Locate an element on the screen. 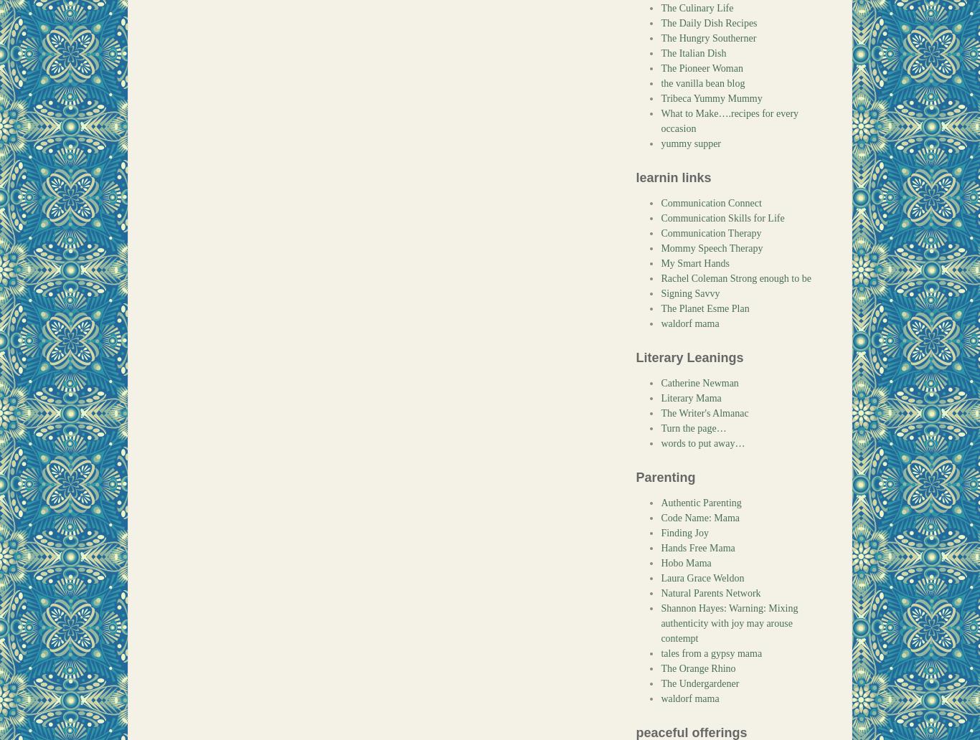 The width and height of the screenshot is (980, 740). 'The Culinary Life' is located at coordinates (697, 8).